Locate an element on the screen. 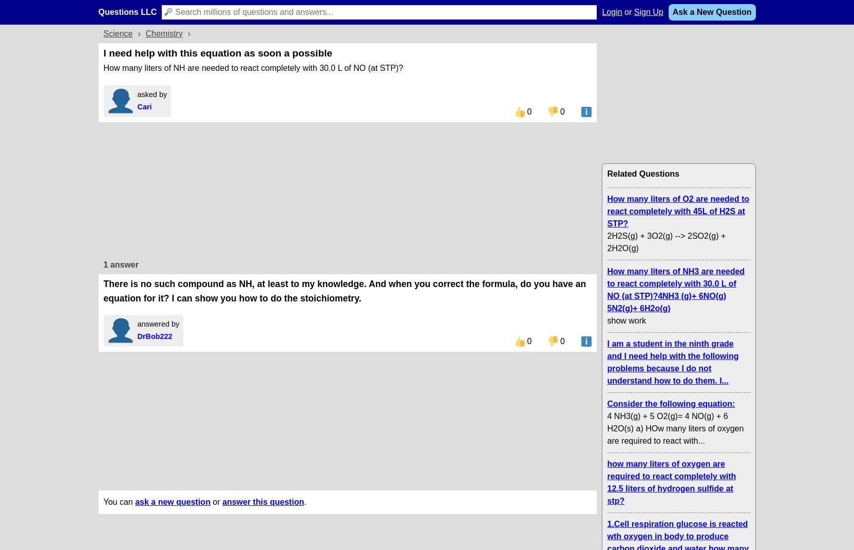  'Related Questions' is located at coordinates (642, 173).